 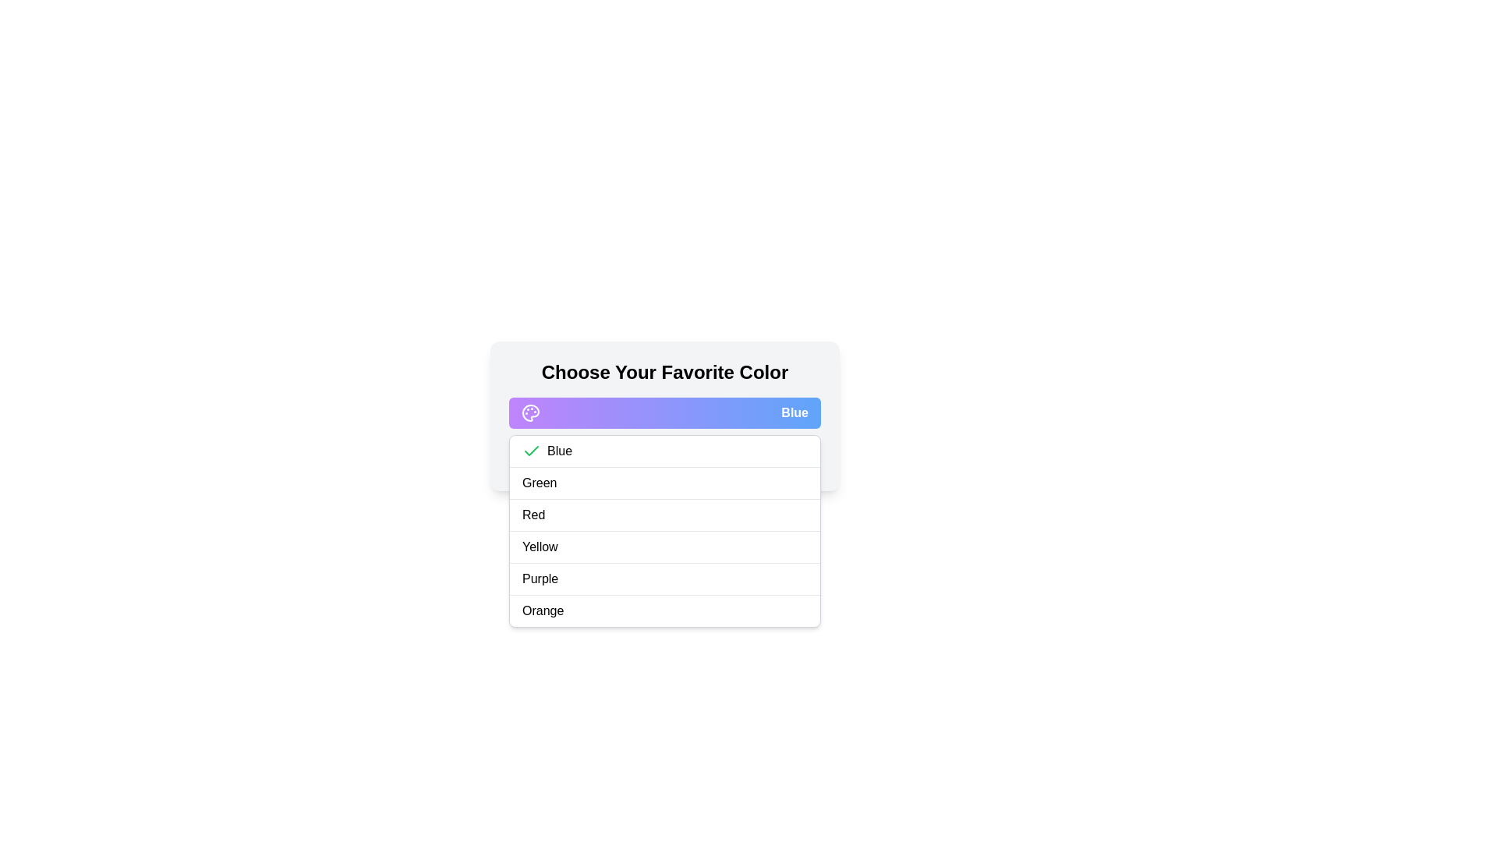 I want to click on the bottom-left to top-right diagonal line of the 'X' icon, which indicates the action to close or remove associated content in the dropdown menu, so click(x=614, y=456).